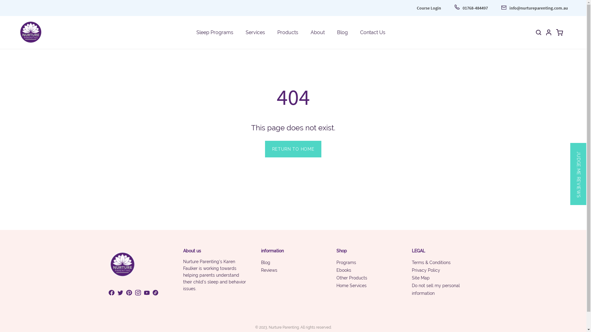 The height and width of the screenshot is (332, 591). I want to click on 'Course Login', so click(428, 8).